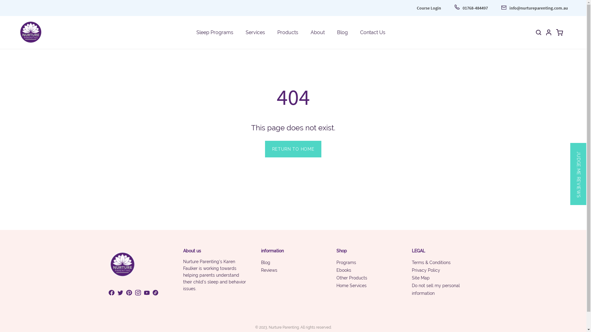 The height and width of the screenshot is (332, 591). I want to click on 'Course Login', so click(428, 8).